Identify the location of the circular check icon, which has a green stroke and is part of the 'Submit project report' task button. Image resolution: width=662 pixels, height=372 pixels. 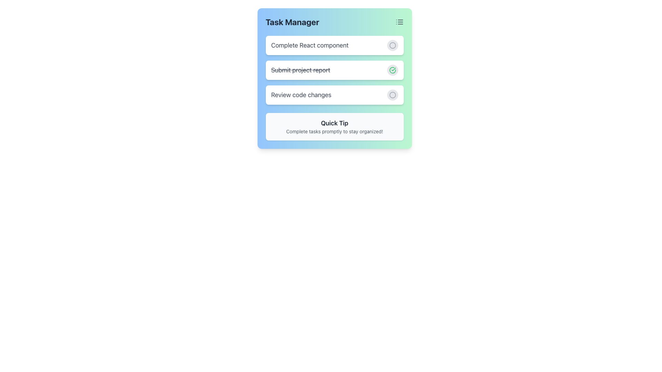
(392, 70).